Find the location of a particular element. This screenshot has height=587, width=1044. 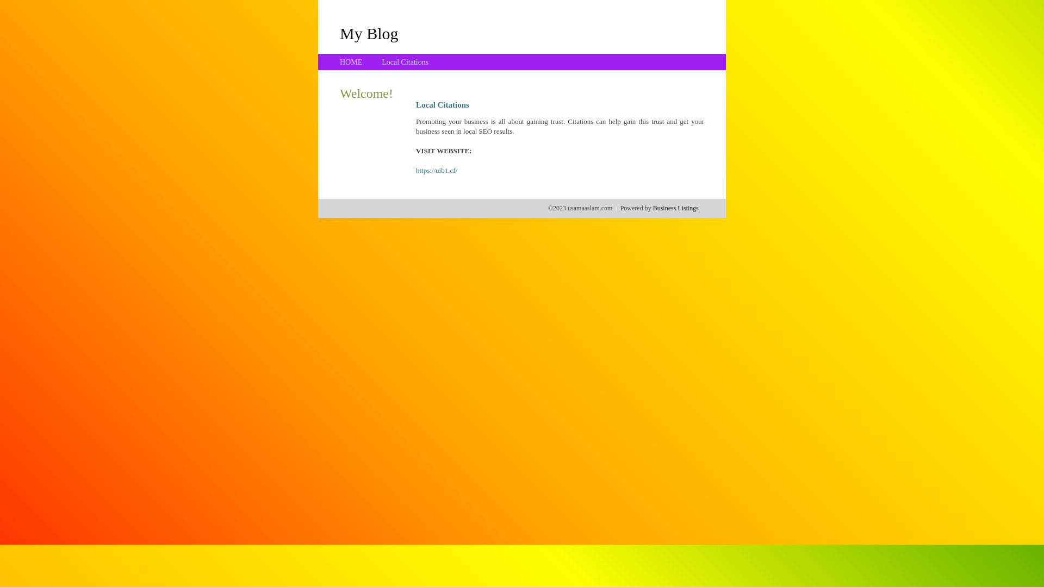

'Local Citations' is located at coordinates (404, 62).